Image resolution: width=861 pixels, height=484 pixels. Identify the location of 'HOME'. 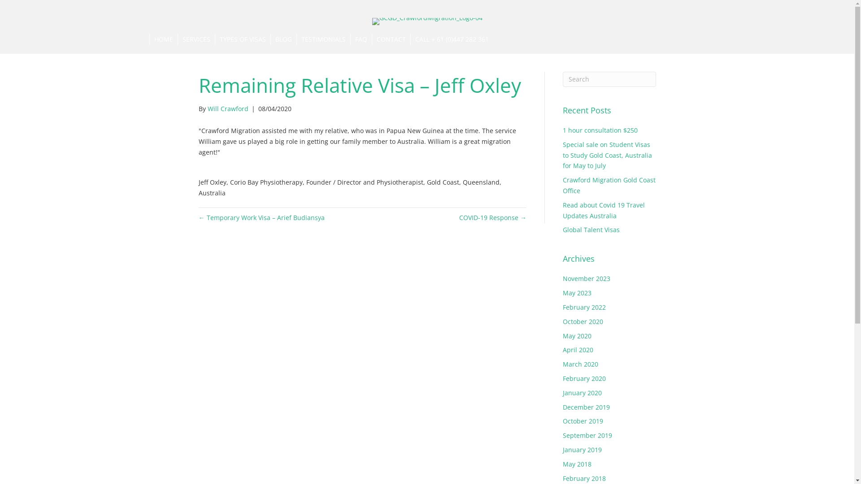
(163, 39).